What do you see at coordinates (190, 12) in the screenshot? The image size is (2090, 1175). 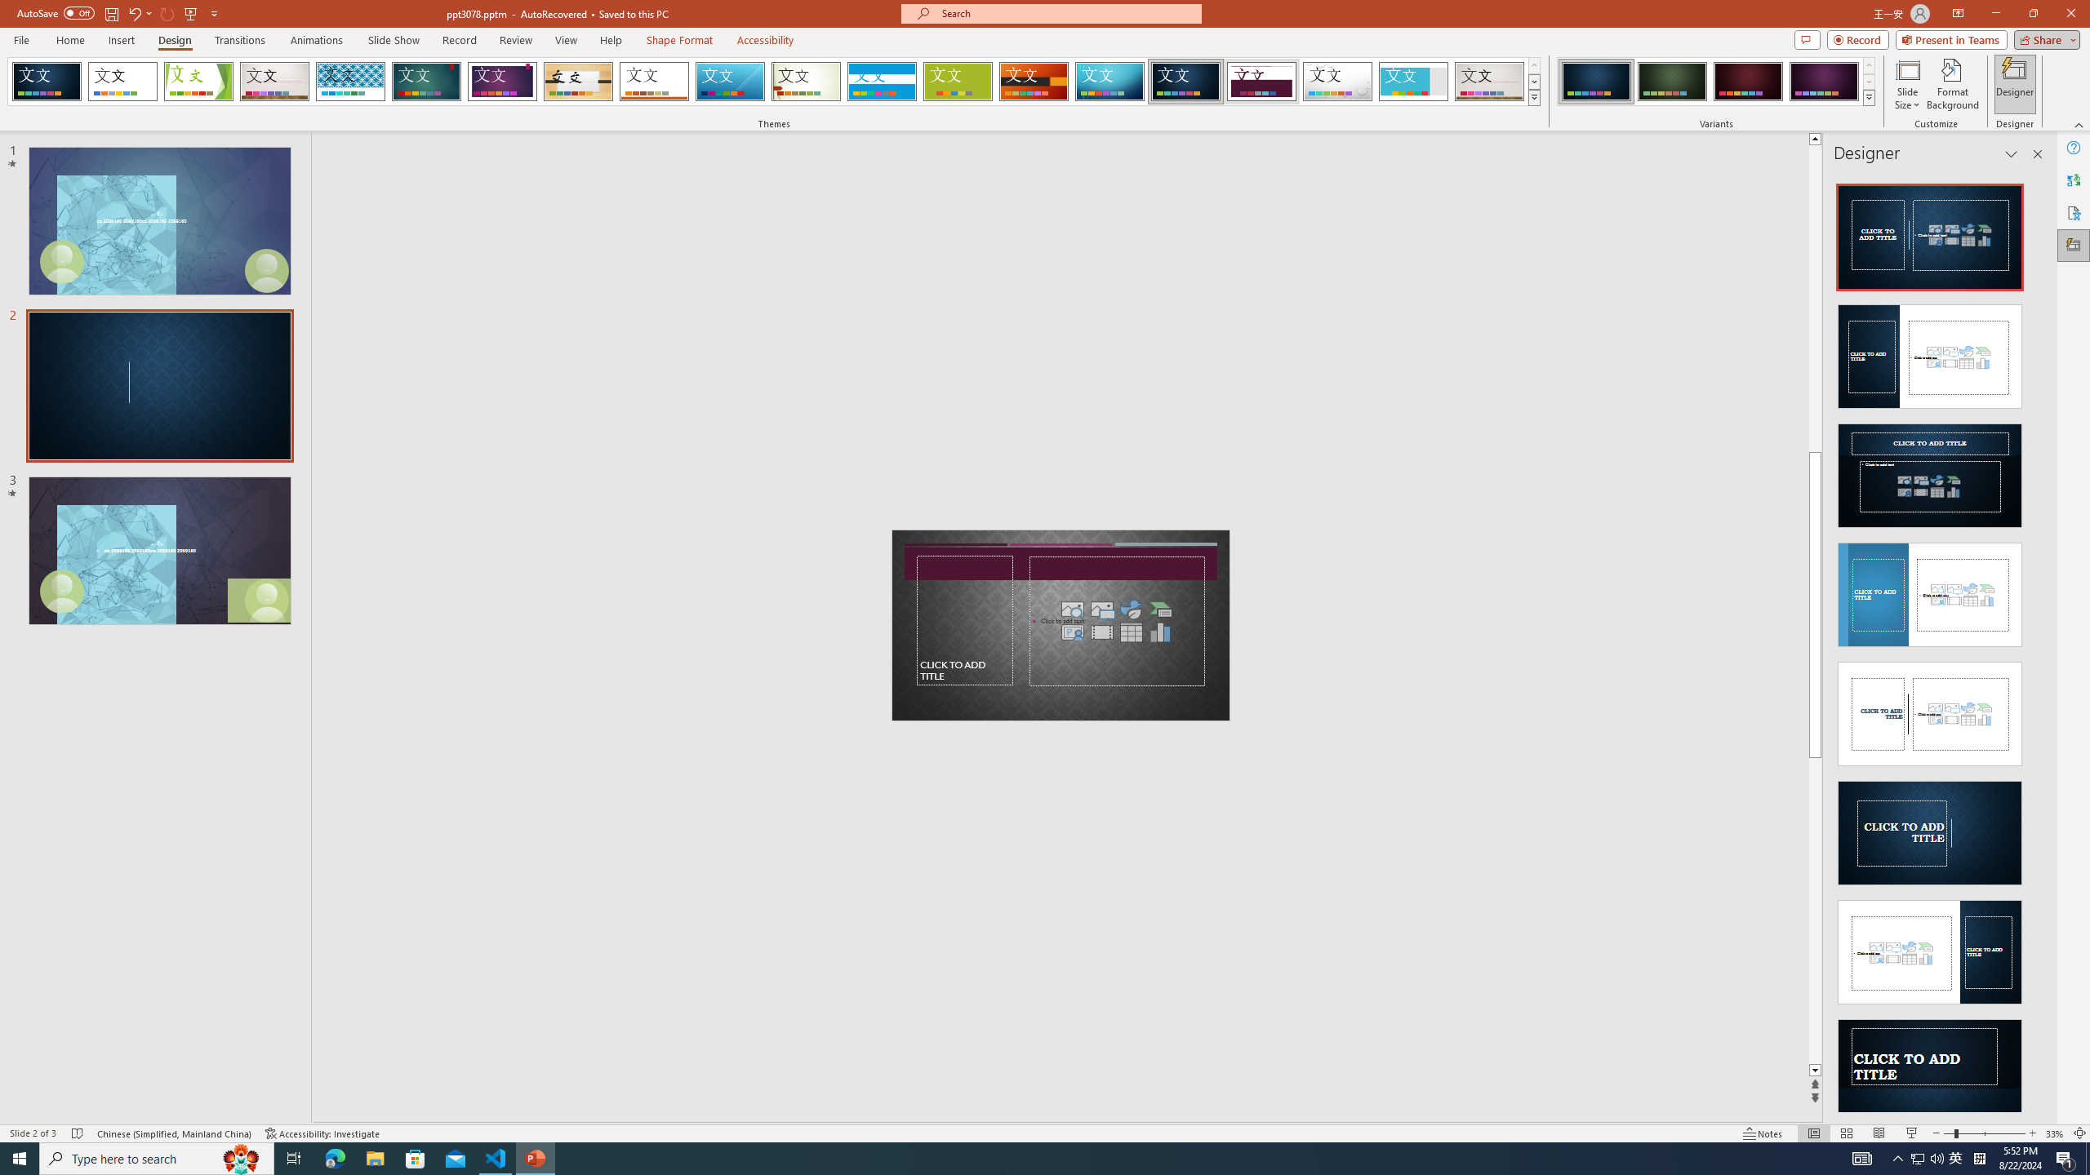 I see `'From Beginning'` at bounding box center [190, 12].